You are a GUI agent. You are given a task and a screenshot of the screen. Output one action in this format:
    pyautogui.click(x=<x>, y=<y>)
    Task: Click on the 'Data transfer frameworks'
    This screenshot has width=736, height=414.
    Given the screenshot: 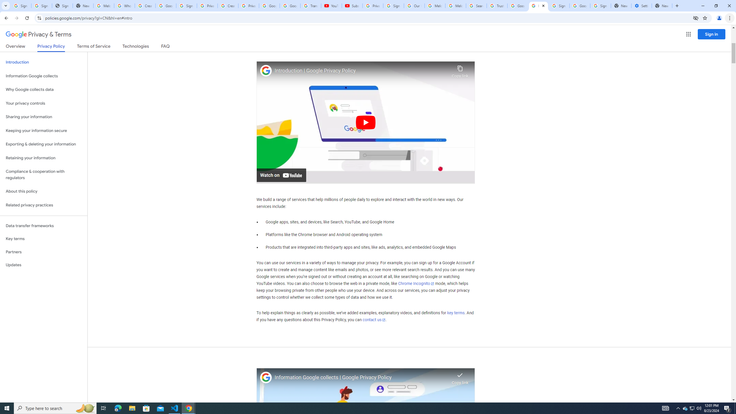 What is the action you would take?
    pyautogui.click(x=43, y=226)
    